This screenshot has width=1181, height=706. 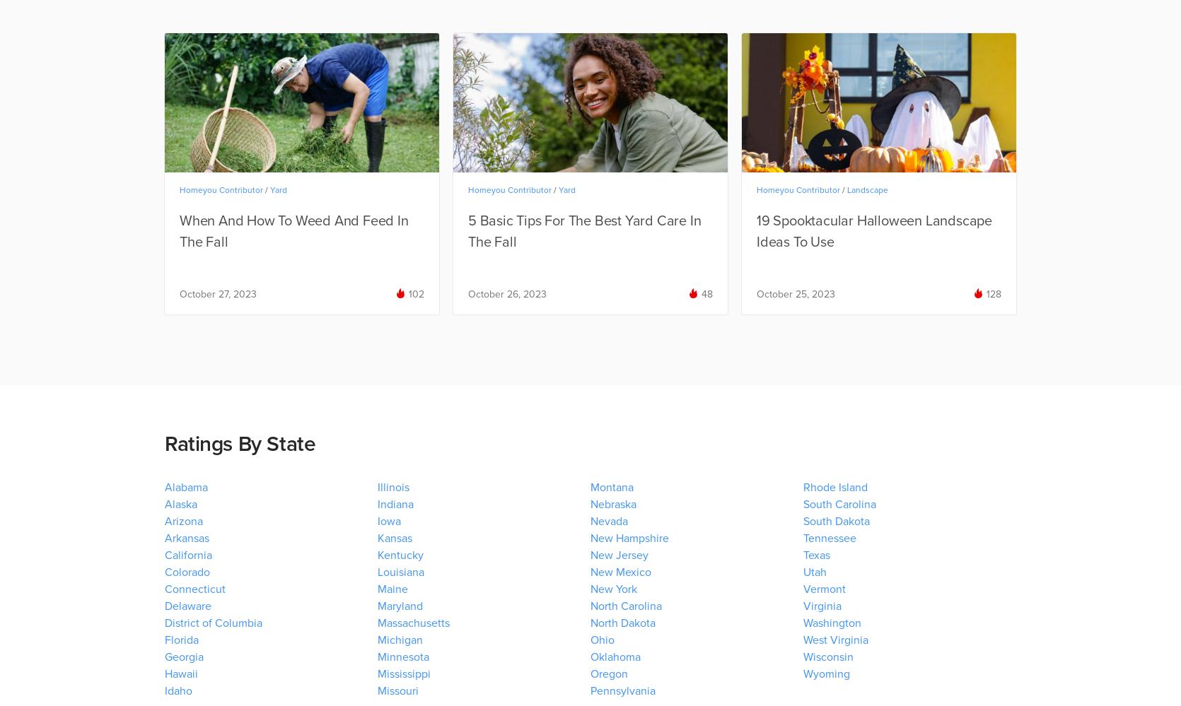 I want to click on 'Iowa', so click(x=389, y=520).